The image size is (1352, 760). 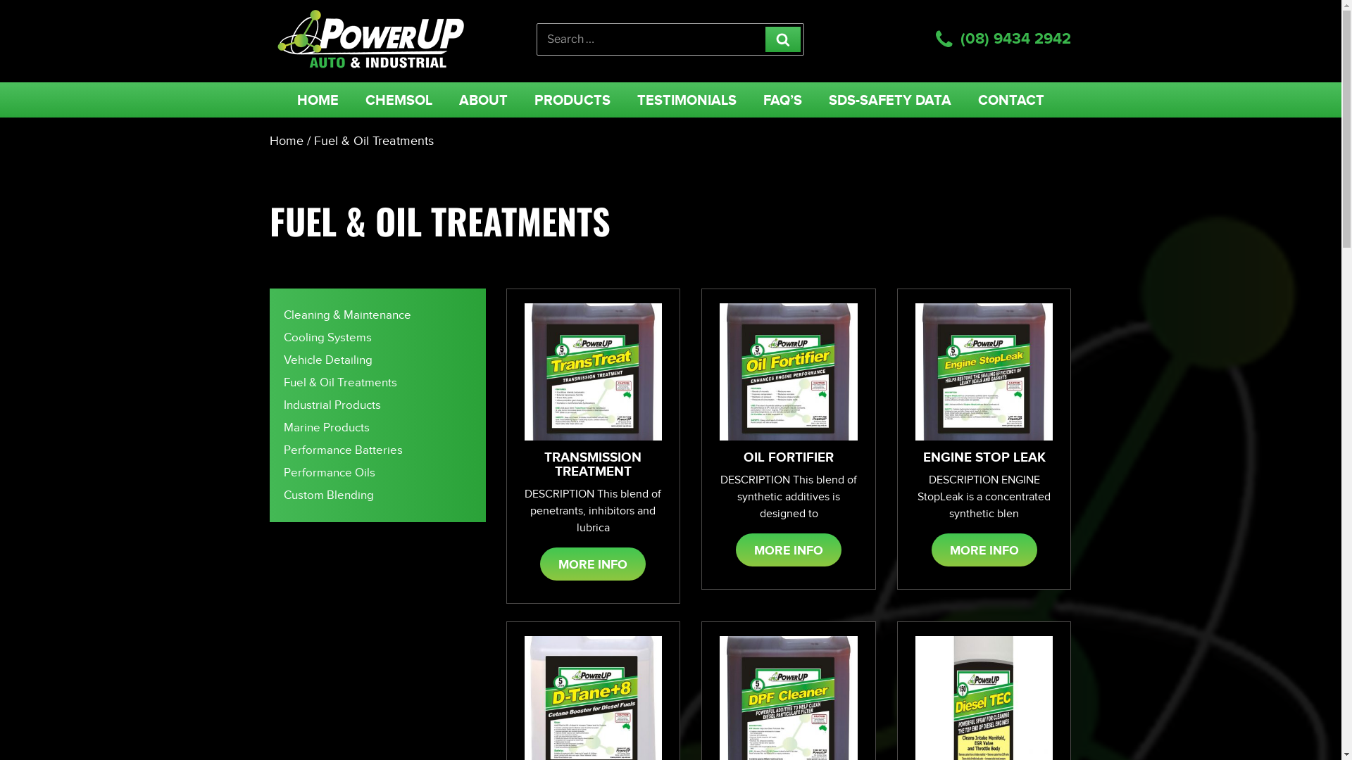 I want to click on 'Performance Oils', so click(x=282, y=472).